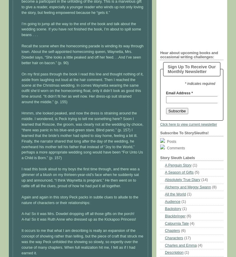 The width and height of the screenshot is (236, 257). I want to click on 'All the World', so click(175, 194).